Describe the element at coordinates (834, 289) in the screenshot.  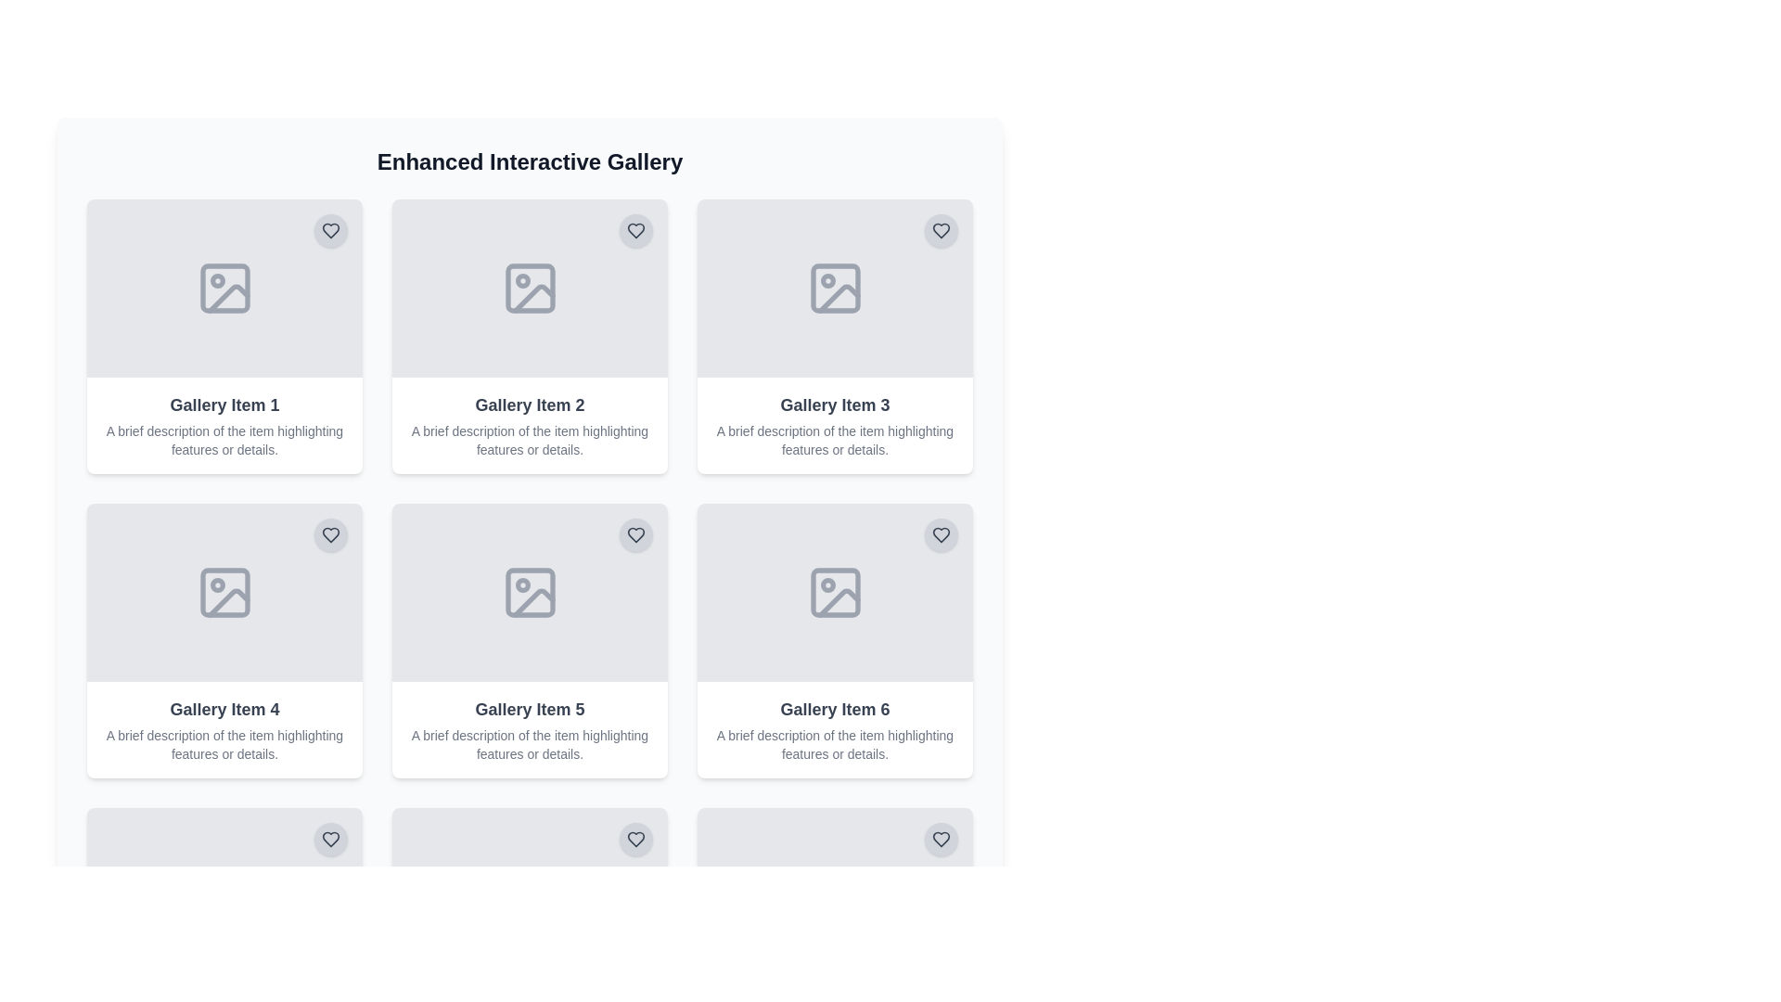
I see `the Decorative outline component that represents the border of an image placeholder in the third gallery item of the first row` at that location.